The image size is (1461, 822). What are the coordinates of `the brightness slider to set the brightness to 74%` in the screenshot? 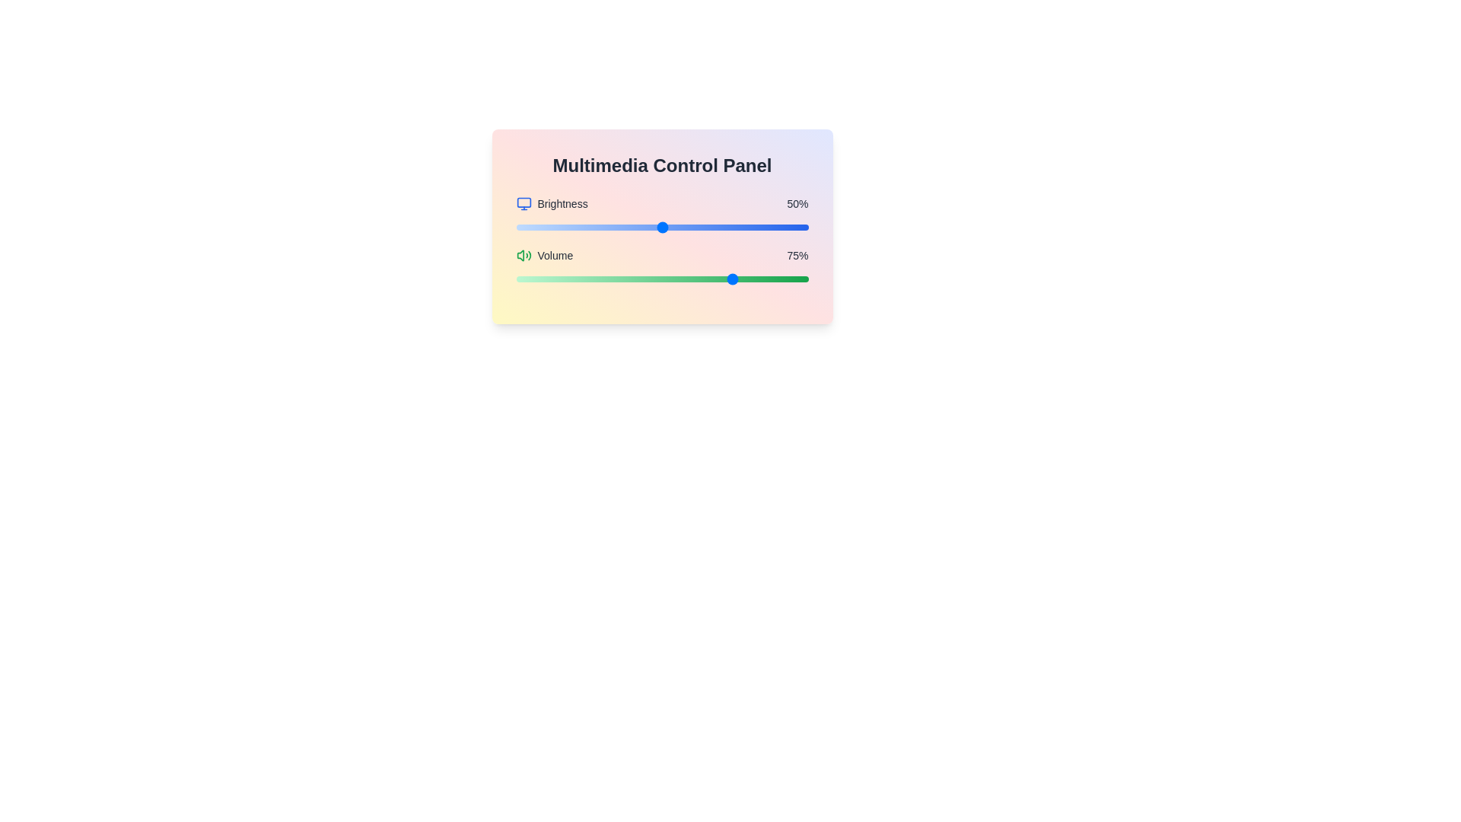 It's located at (732, 228).